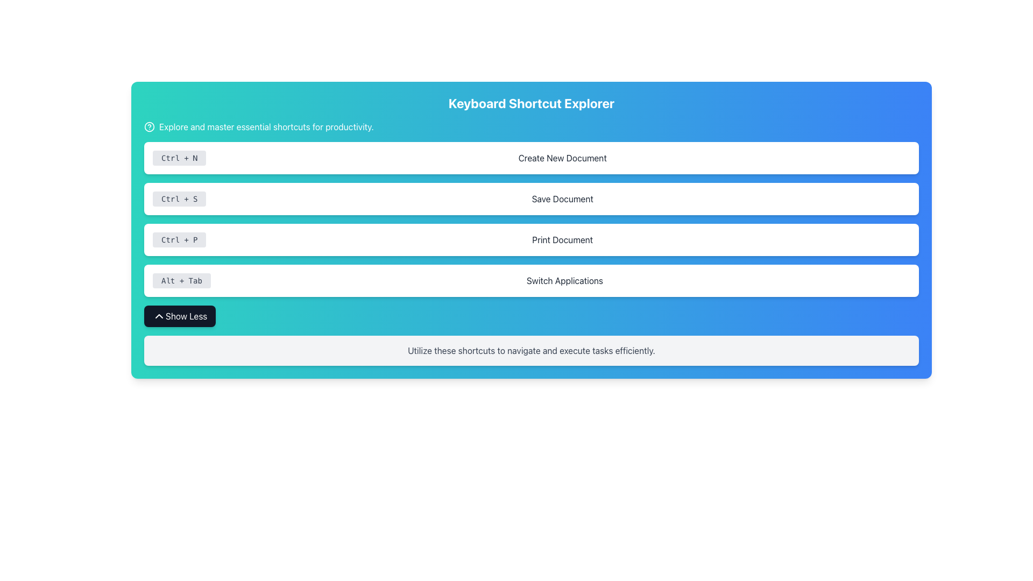  I want to click on the Informational Text Box with a light gray background and rounded corners, containing the text 'Utilize these shortcuts to navigate and execute tasks efficiently.', so click(532, 350).